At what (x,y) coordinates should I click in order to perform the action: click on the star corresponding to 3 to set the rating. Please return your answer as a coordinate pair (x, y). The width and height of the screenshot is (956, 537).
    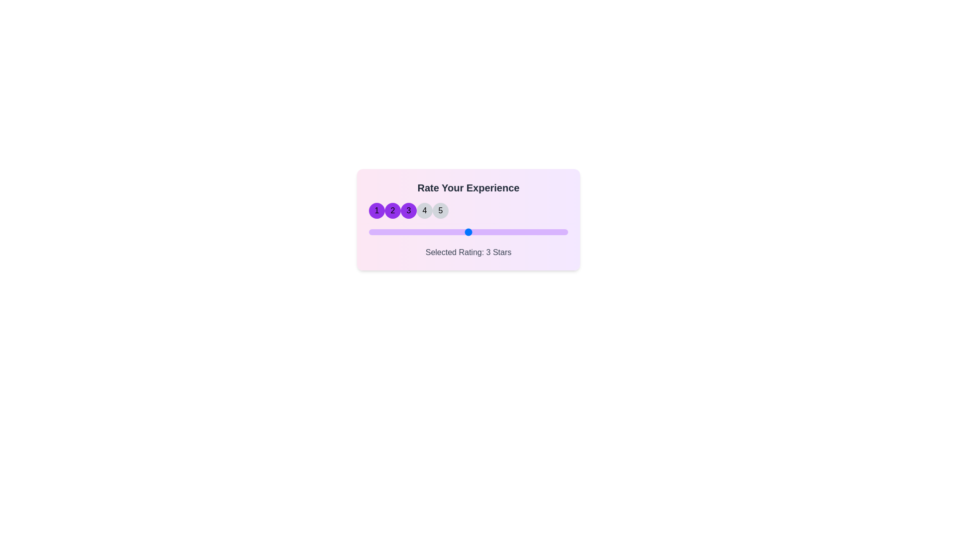
    Looking at the image, I should click on (408, 210).